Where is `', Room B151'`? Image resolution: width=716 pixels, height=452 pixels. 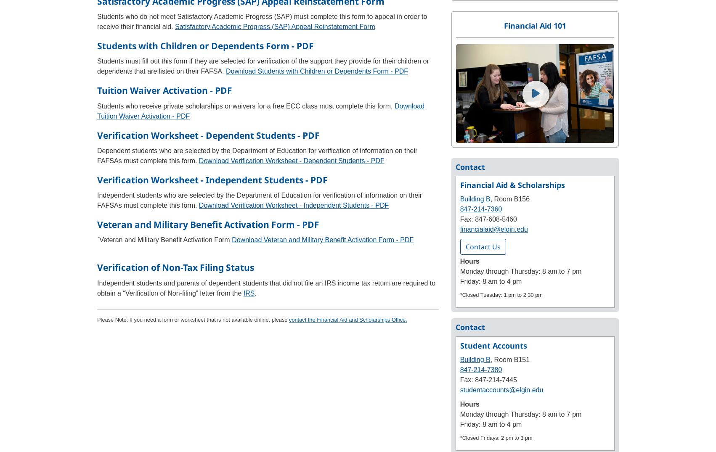
', Room B151' is located at coordinates (509, 359).